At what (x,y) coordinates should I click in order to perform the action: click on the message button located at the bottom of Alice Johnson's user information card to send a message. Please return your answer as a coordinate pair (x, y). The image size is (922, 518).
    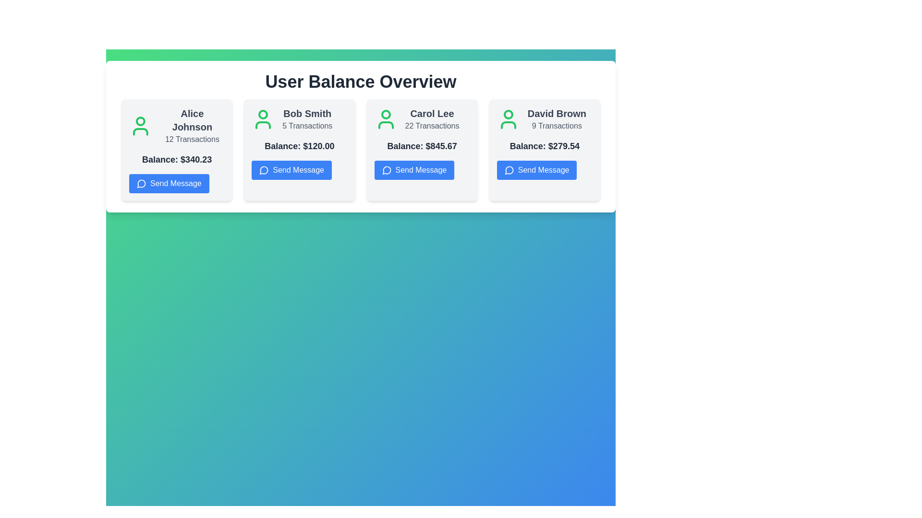
    Looking at the image, I should click on (169, 183).